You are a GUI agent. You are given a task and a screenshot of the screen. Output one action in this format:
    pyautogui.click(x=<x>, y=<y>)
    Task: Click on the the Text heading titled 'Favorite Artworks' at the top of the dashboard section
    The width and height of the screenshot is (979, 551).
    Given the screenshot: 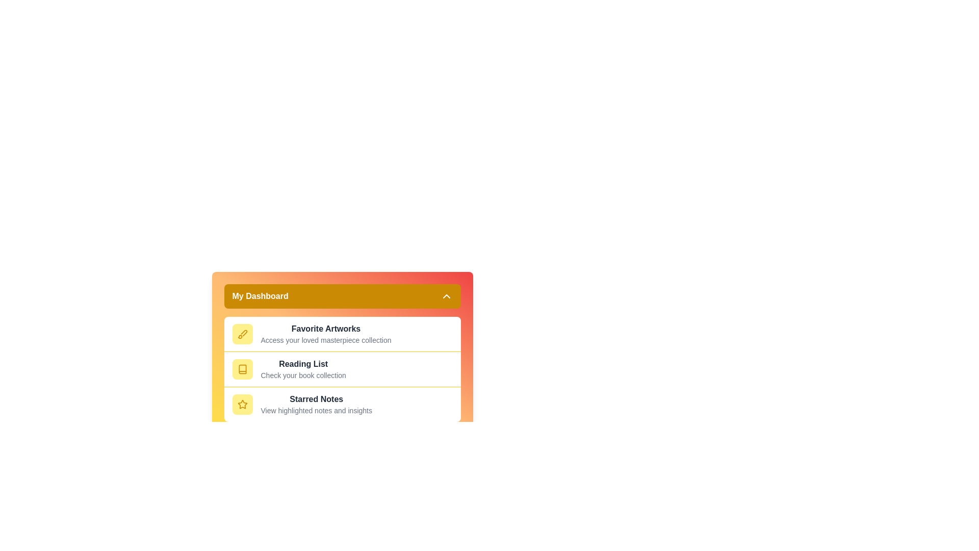 What is the action you would take?
    pyautogui.click(x=325, y=329)
    